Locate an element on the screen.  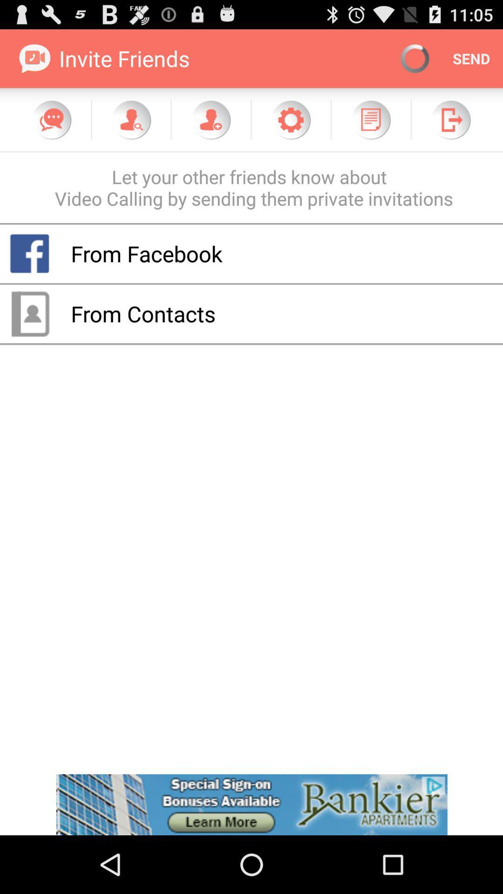
the follow icon is located at coordinates (211, 128).